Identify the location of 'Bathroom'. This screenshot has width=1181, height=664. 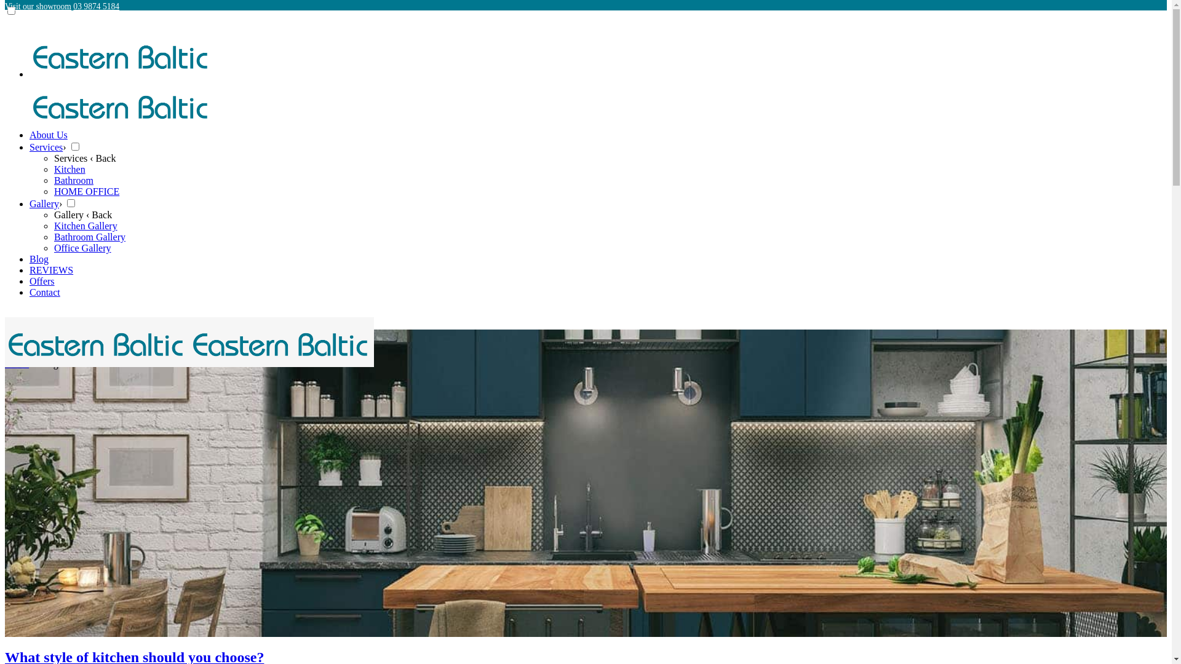
(73, 180).